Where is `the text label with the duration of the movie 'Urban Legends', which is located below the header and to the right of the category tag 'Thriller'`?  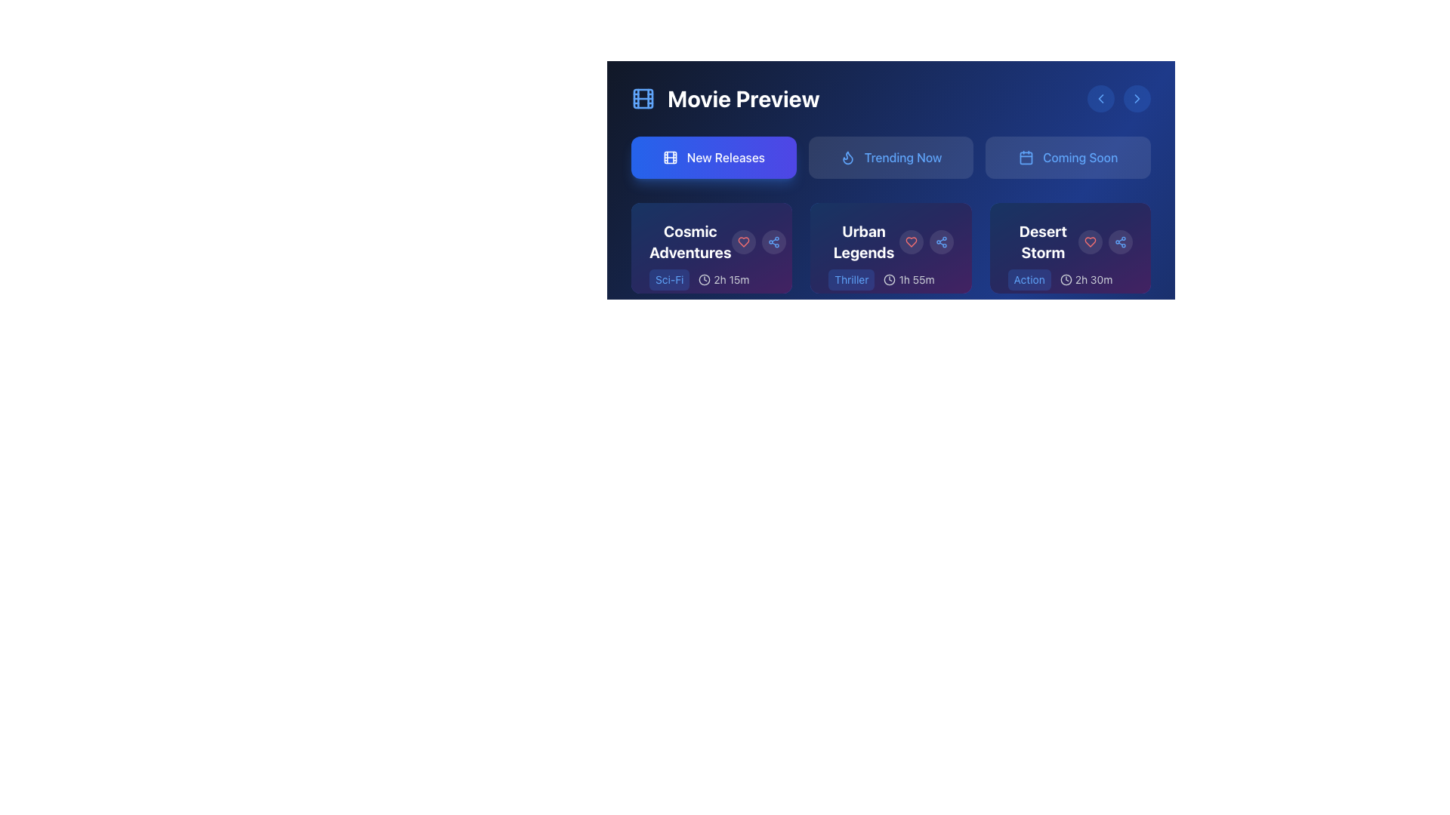 the text label with the duration of the movie 'Urban Legends', which is located below the header and to the right of the category tag 'Thriller' is located at coordinates (891, 273).